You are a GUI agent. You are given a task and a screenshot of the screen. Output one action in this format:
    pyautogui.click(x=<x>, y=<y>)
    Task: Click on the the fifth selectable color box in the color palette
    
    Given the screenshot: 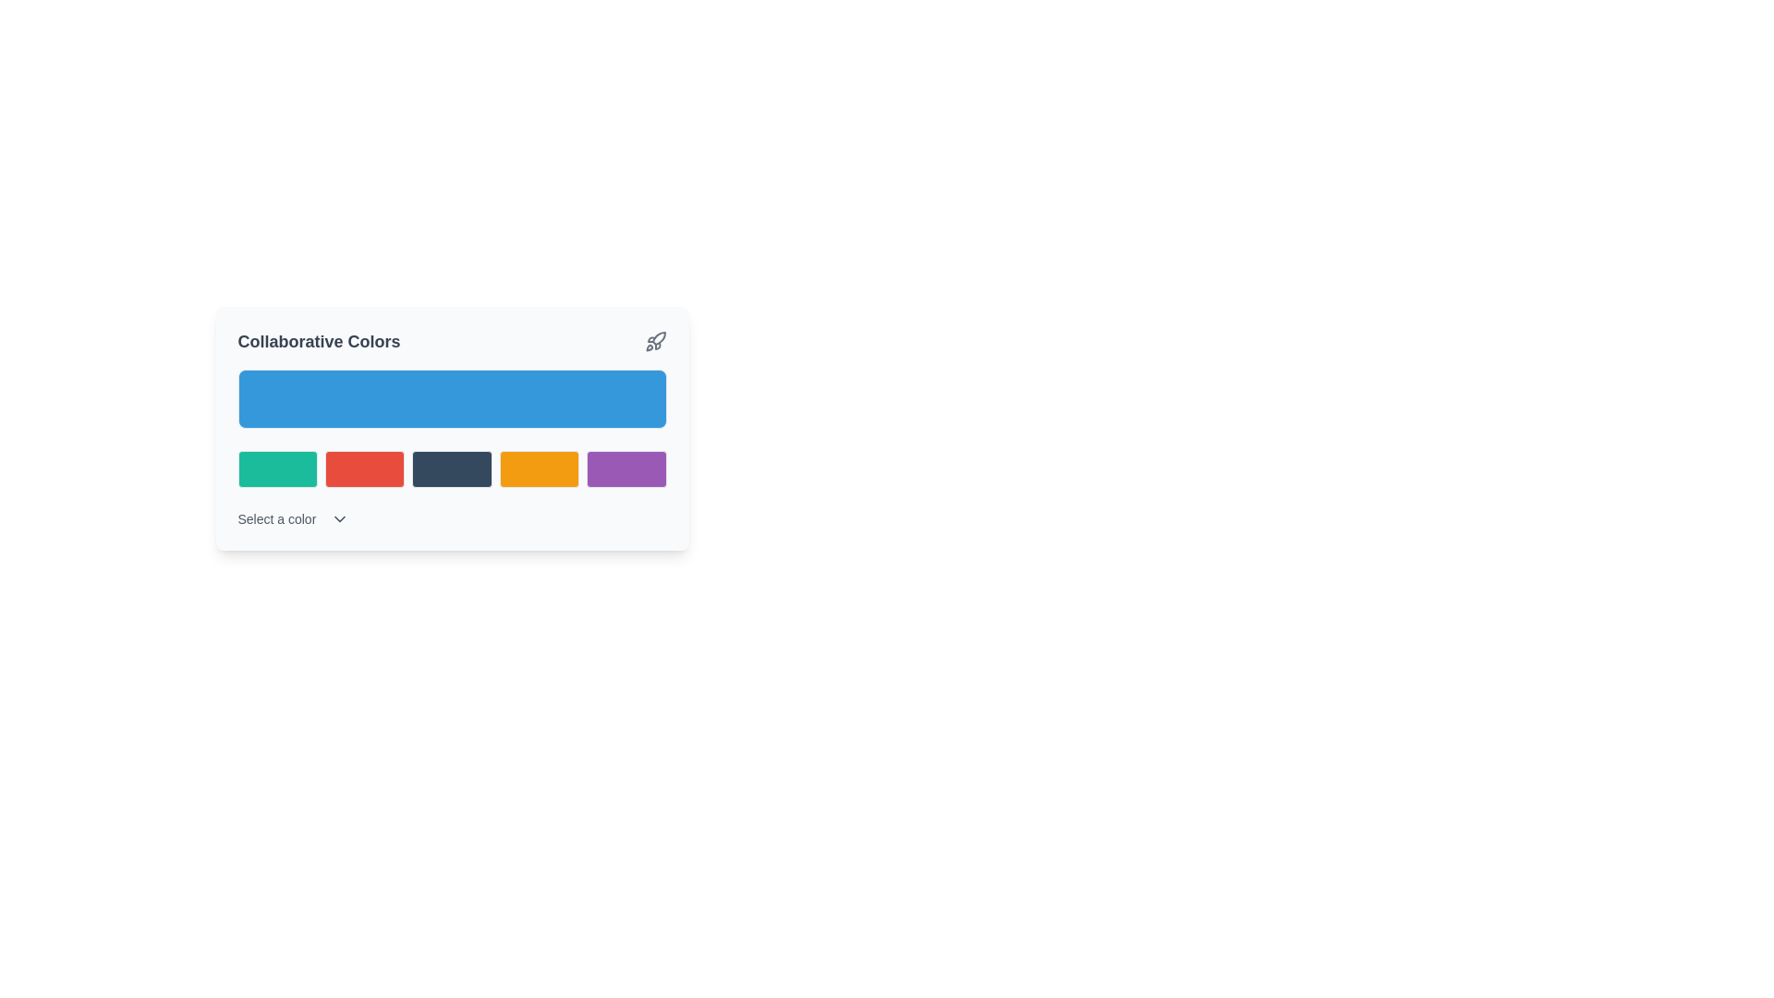 What is the action you would take?
    pyautogui.click(x=626, y=469)
    